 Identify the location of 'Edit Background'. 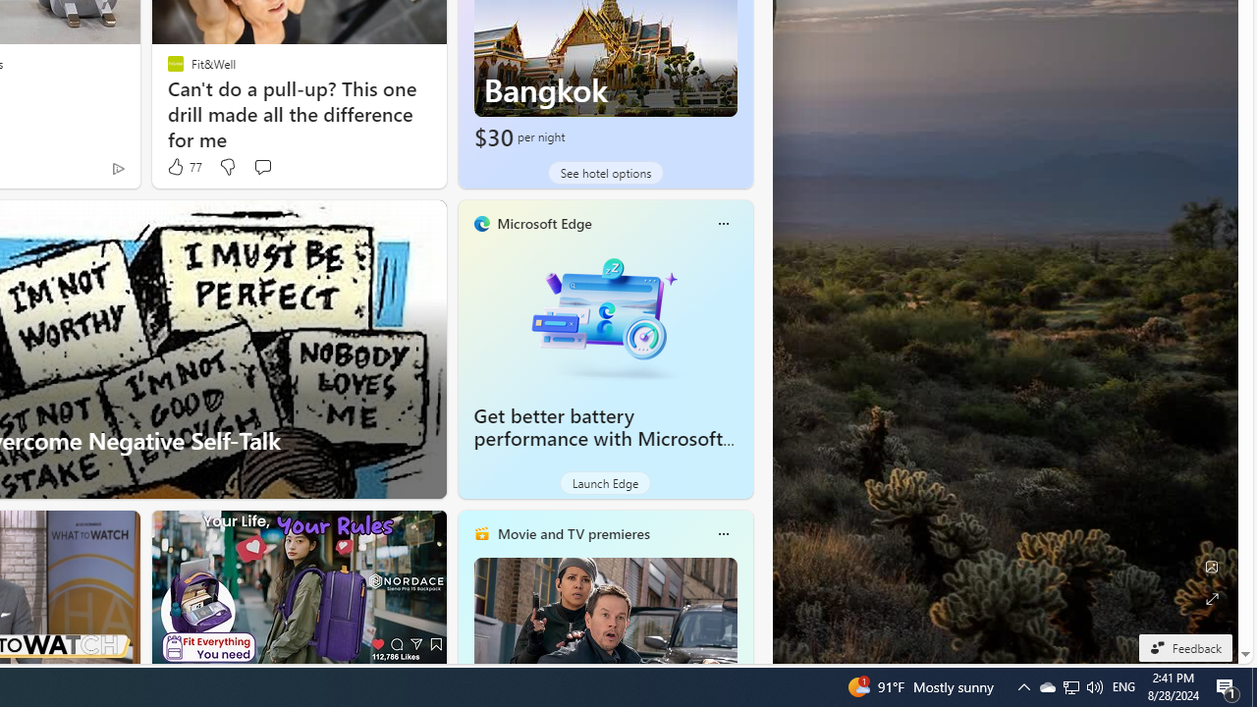
(1210, 567).